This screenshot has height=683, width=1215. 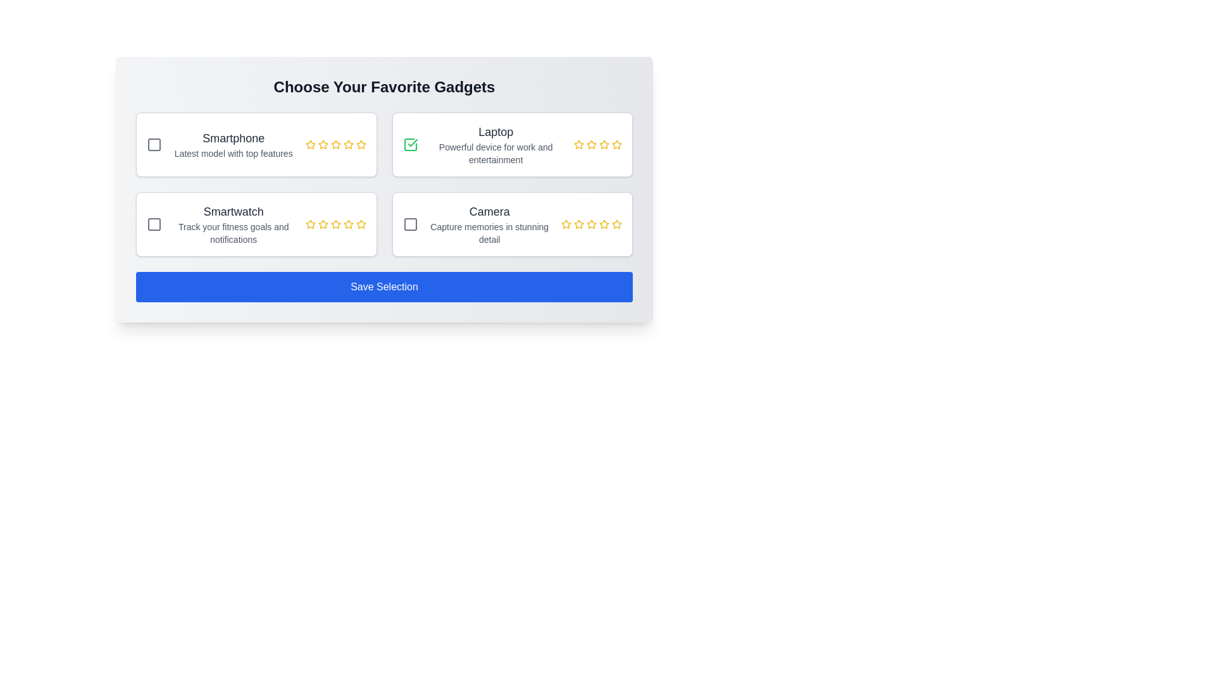 I want to click on the descriptive Text Label that provides additional details about the 'Smartwatch' option, located below and aligned to the left of the title 'Smartwatch', so click(x=234, y=233).